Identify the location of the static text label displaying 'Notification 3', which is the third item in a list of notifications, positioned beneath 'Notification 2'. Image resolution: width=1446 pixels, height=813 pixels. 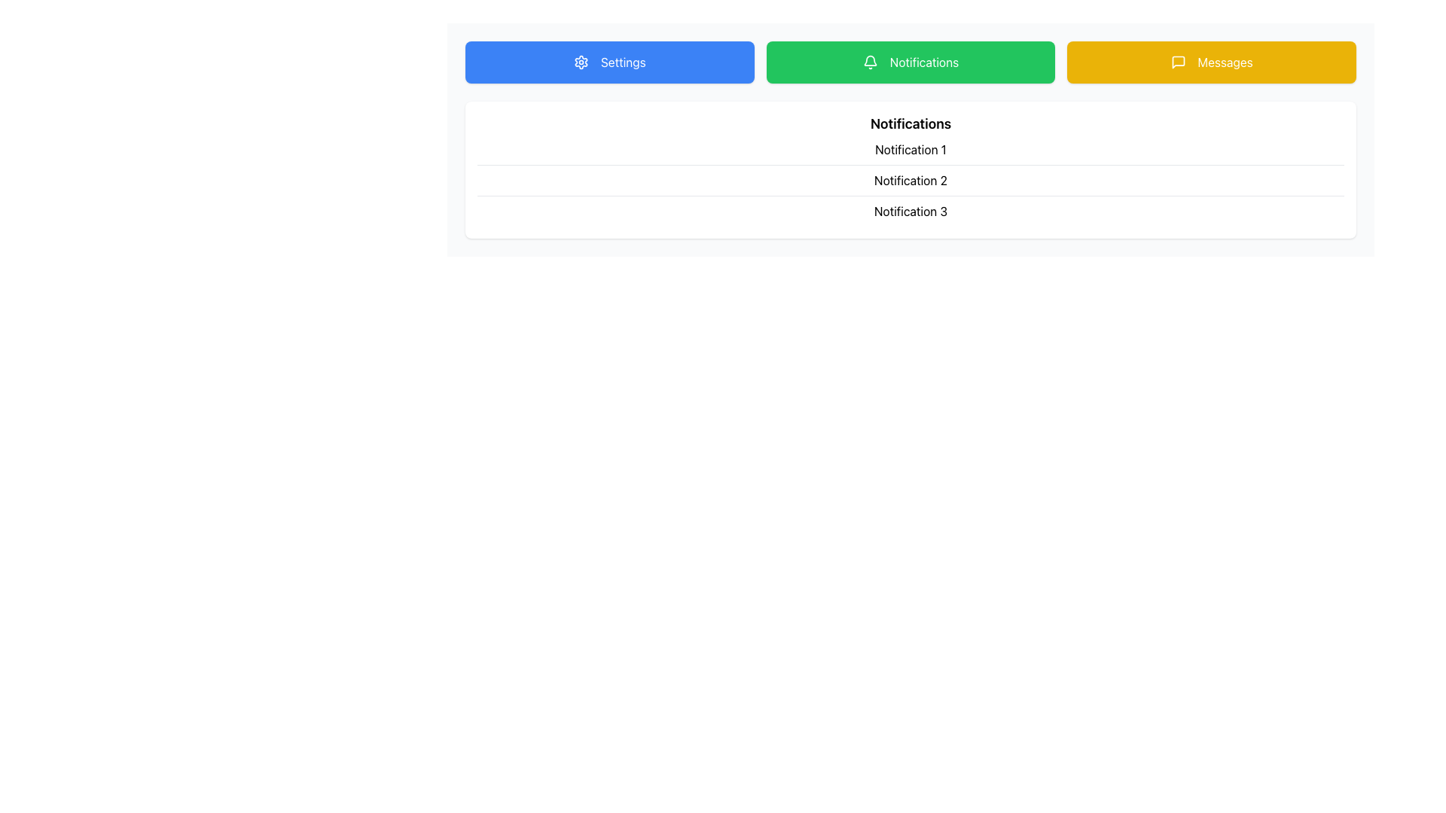
(910, 212).